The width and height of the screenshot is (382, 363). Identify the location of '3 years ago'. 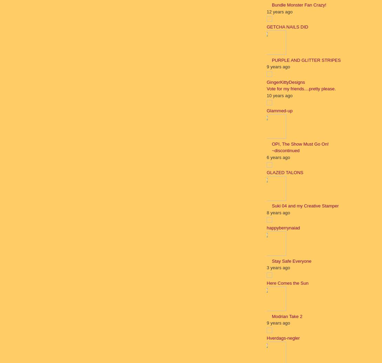
(266, 268).